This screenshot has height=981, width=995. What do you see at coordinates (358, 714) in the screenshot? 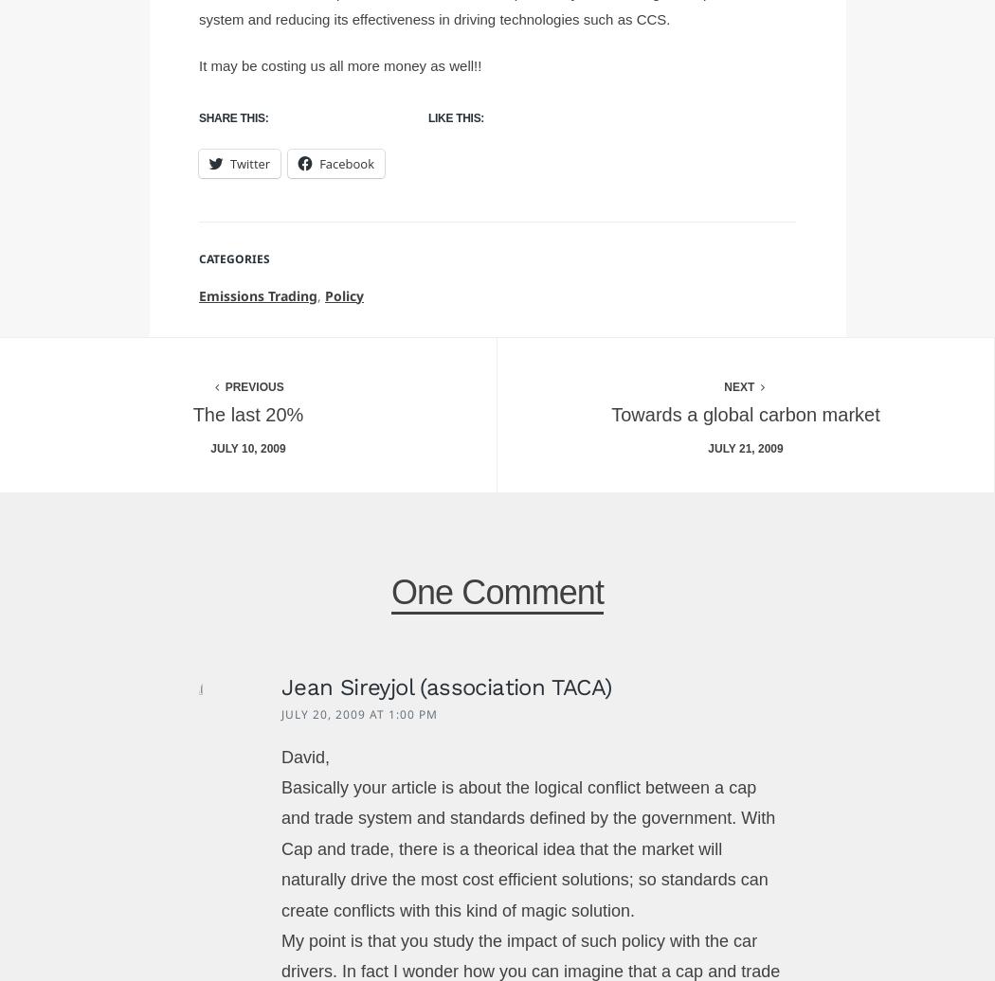
I see `'July 20, 2009 at 1:00 pm'` at bounding box center [358, 714].